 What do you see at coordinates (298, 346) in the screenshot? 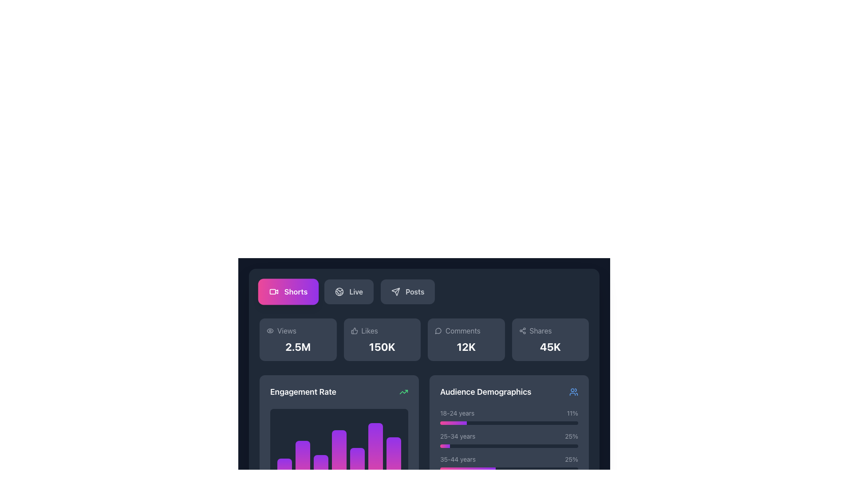
I see `the static text label displaying the number of views, '2.5M', which is located within the 'Views' card in the top-left section of the interface` at bounding box center [298, 346].